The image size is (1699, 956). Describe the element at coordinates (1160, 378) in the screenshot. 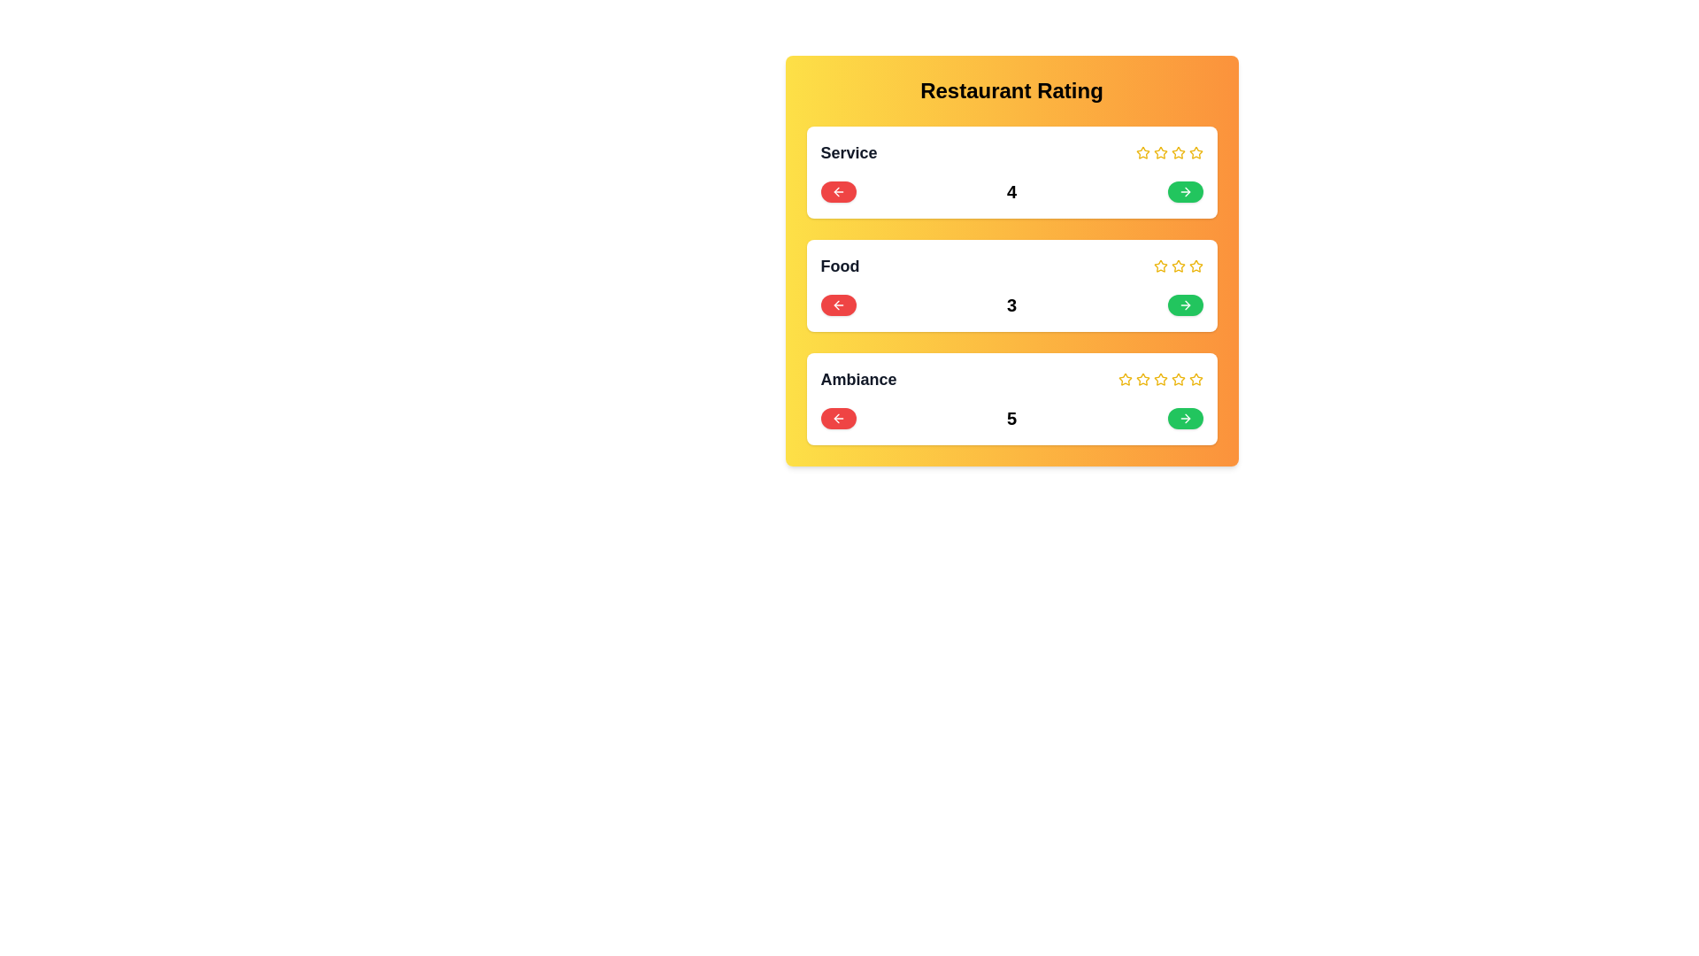

I see `the active third star icon` at that location.